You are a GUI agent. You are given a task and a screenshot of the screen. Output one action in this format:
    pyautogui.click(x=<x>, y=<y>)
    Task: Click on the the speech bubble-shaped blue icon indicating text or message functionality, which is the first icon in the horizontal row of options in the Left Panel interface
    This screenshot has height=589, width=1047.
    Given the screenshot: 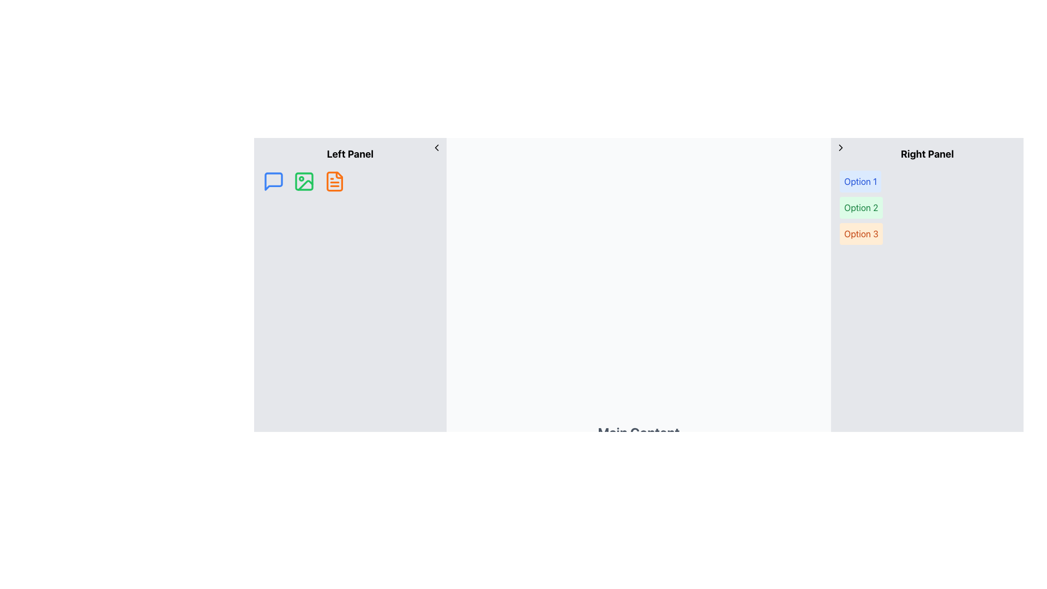 What is the action you would take?
    pyautogui.click(x=274, y=181)
    